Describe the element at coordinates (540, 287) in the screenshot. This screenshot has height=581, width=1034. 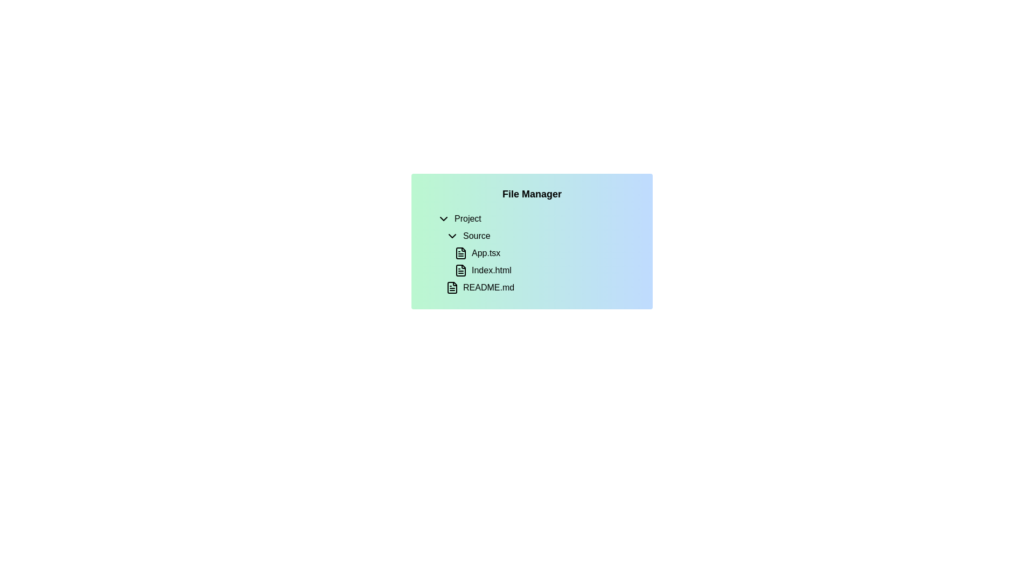
I see `the file list item representing 'README.md'` at that location.